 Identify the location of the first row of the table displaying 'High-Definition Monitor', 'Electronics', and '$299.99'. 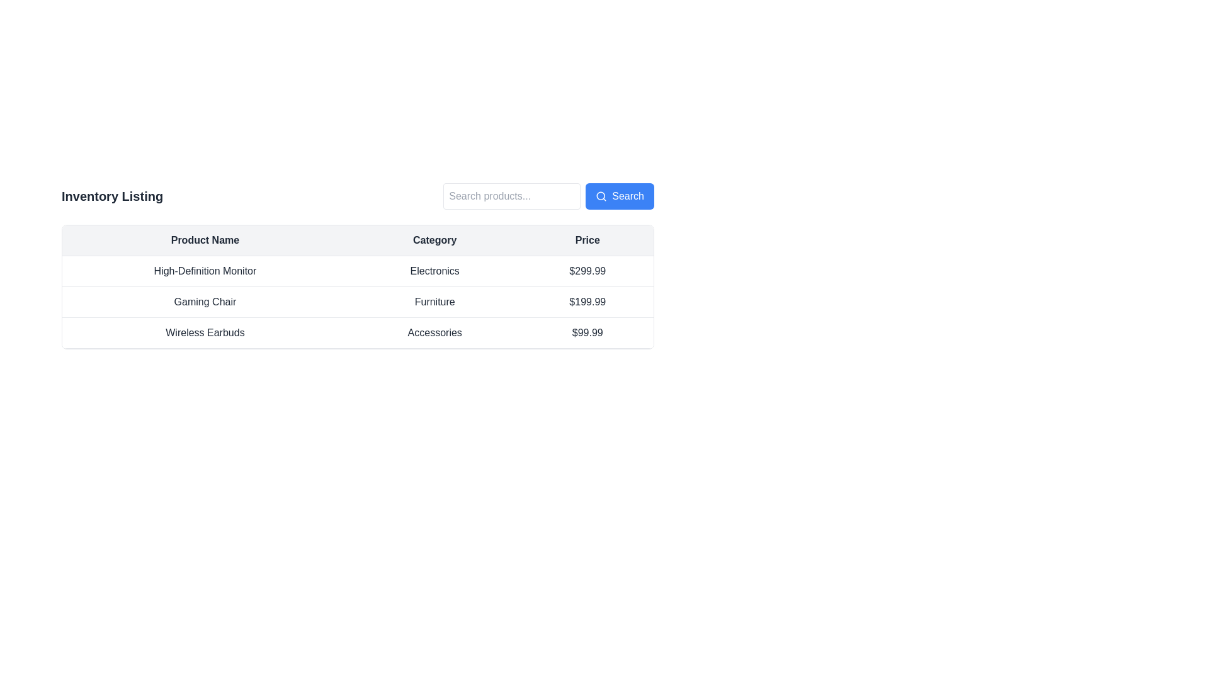
(357, 271).